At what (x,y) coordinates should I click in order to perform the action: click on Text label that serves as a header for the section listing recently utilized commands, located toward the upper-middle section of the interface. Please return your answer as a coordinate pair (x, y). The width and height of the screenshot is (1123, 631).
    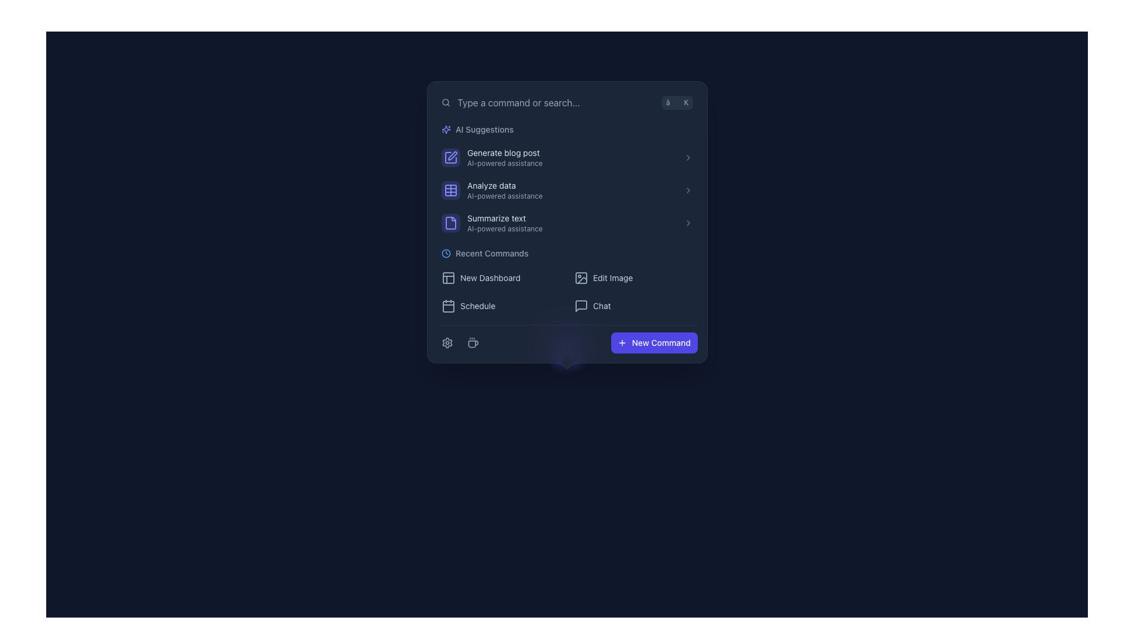
    Looking at the image, I should click on (491, 253).